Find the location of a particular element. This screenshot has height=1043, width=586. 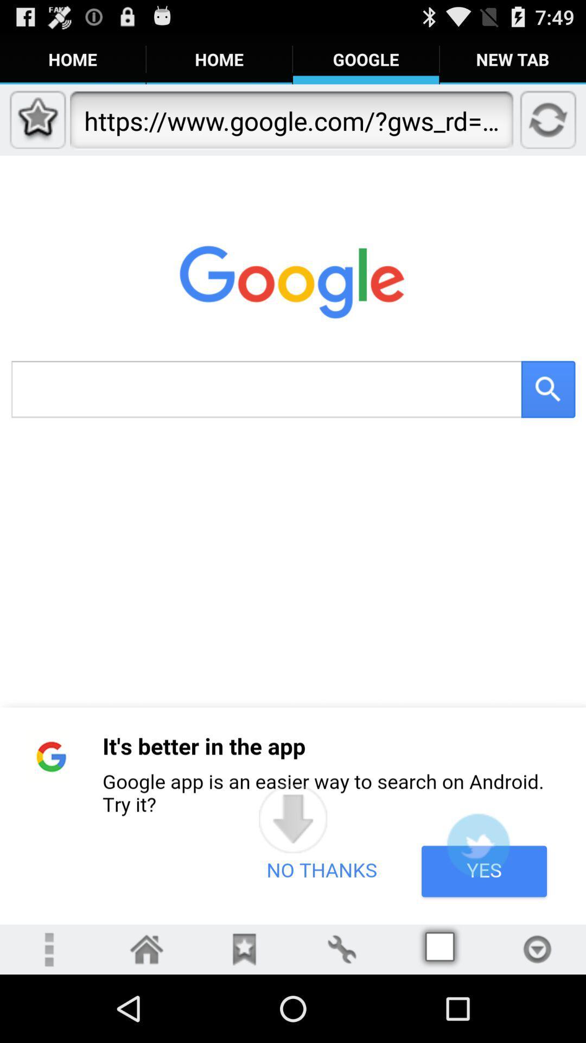

star icon is located at coordinates (244, 948).